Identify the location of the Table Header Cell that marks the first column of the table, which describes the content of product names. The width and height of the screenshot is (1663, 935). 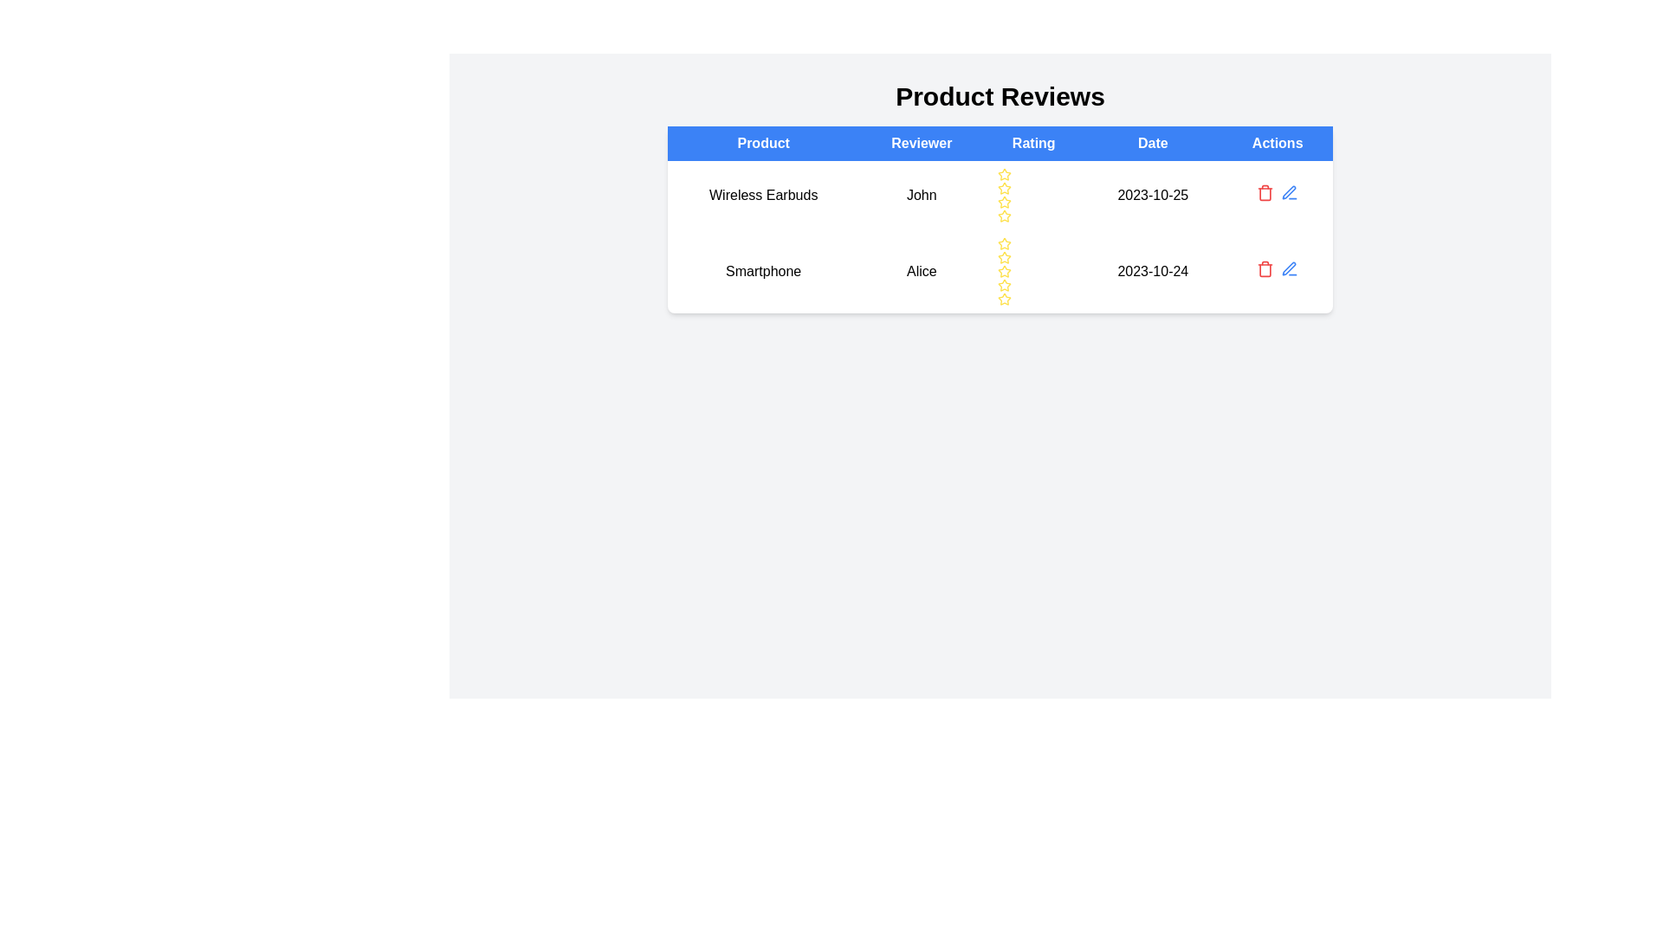
(762, 142).